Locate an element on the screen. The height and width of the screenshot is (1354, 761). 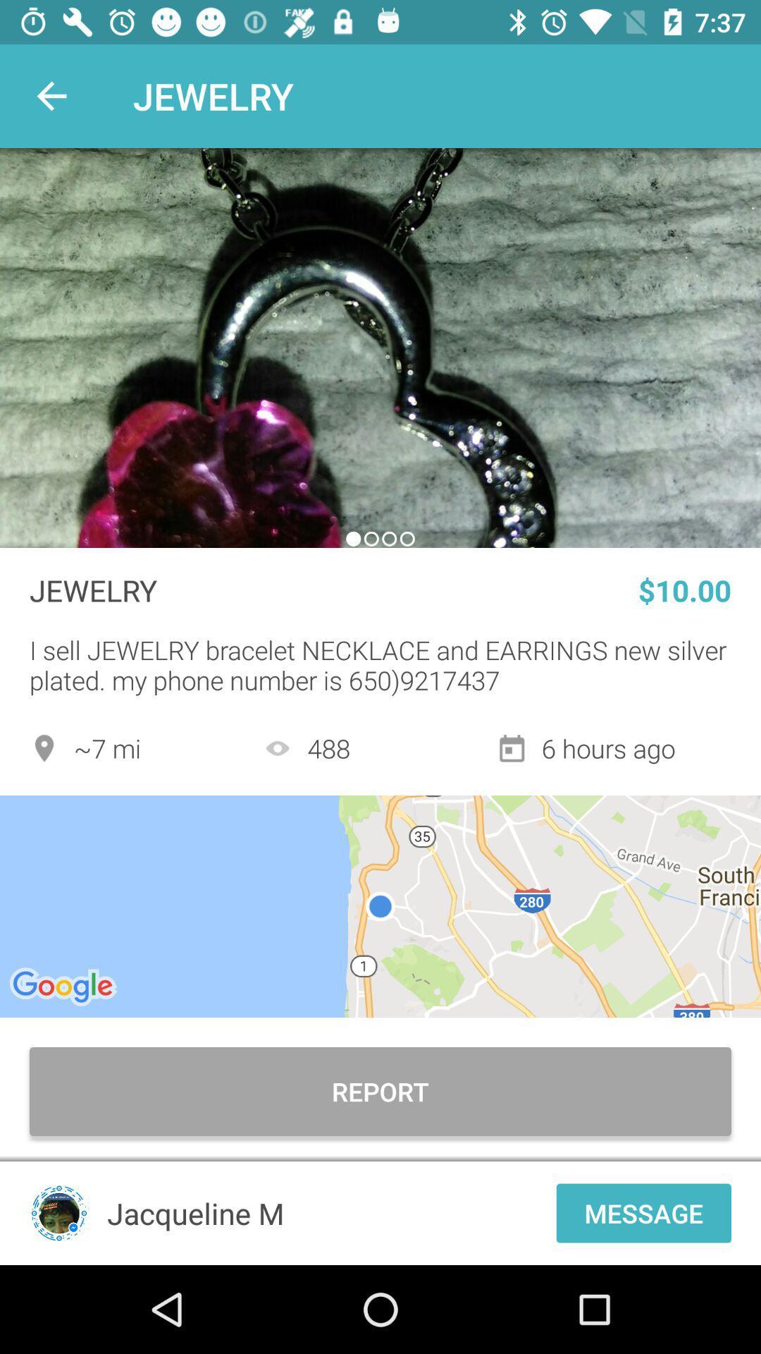
photo slide is located at coordinates (380, 348).